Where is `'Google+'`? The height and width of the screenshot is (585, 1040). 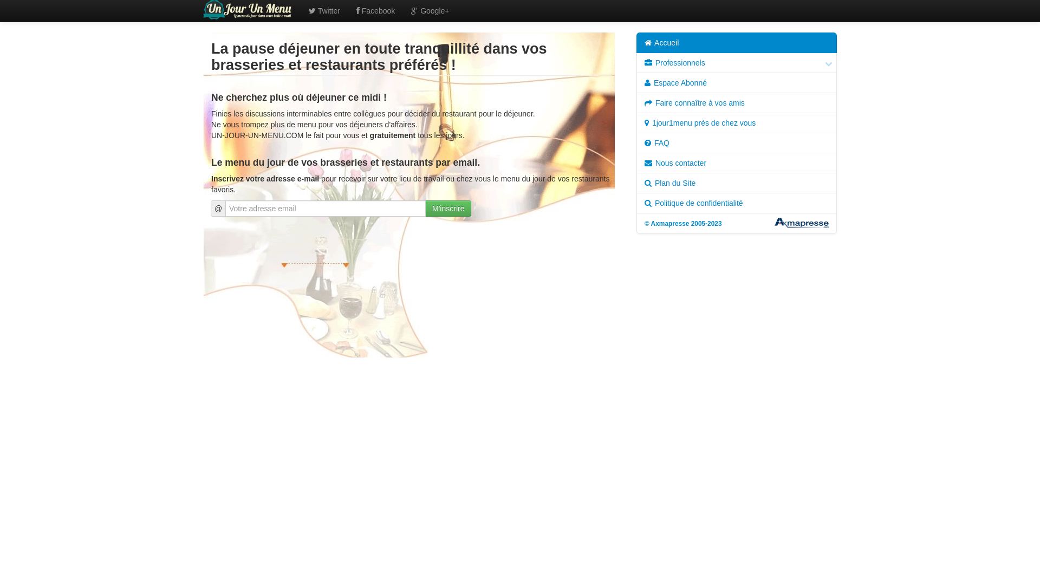
'Google+' is located at coordinates (429, 10).